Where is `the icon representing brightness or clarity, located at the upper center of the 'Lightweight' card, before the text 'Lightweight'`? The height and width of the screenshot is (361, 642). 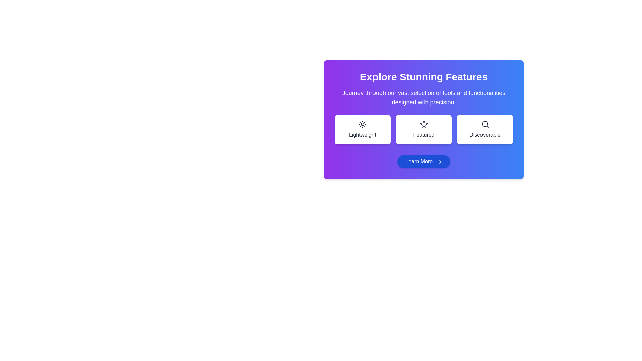 the icon representing brightness or clarity, located at the upper center of the 'Lightweight' card, before the text 'Lightweight' is located at coordinates (362, 124).